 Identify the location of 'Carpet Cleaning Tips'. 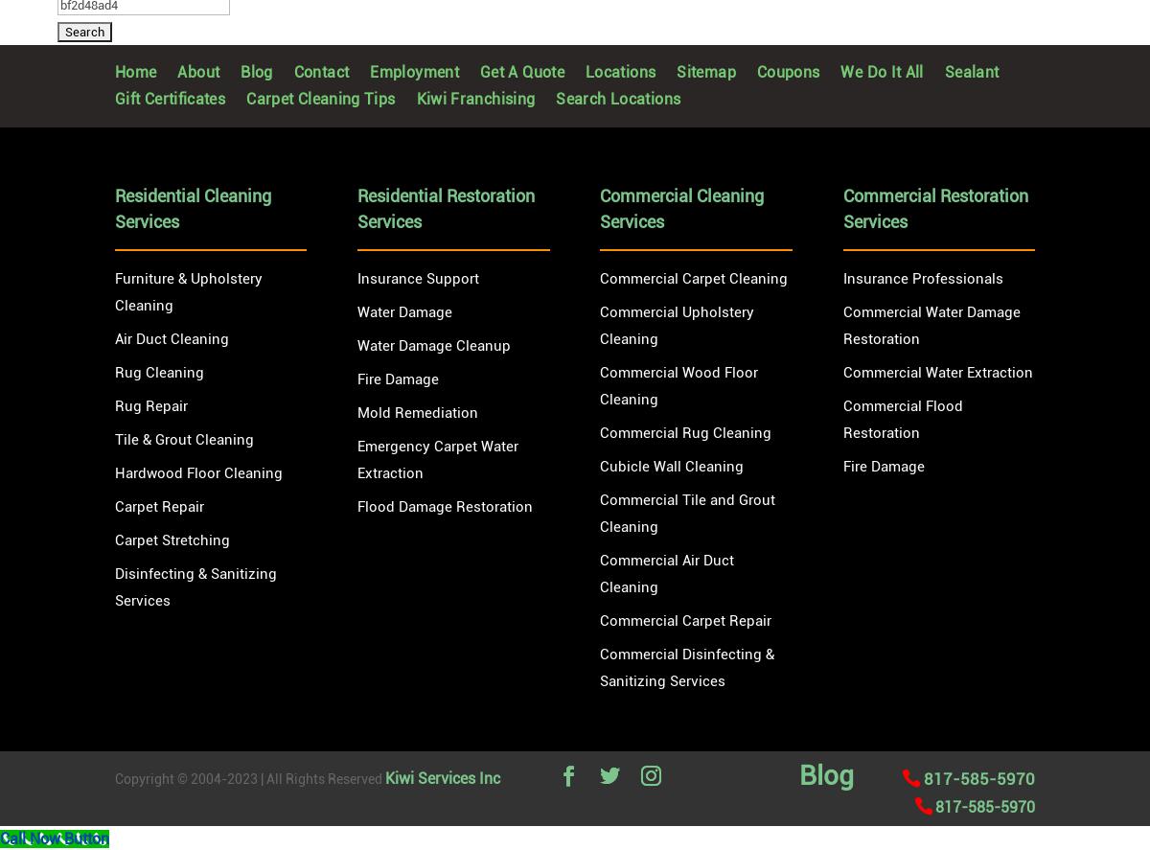
(310, 99).